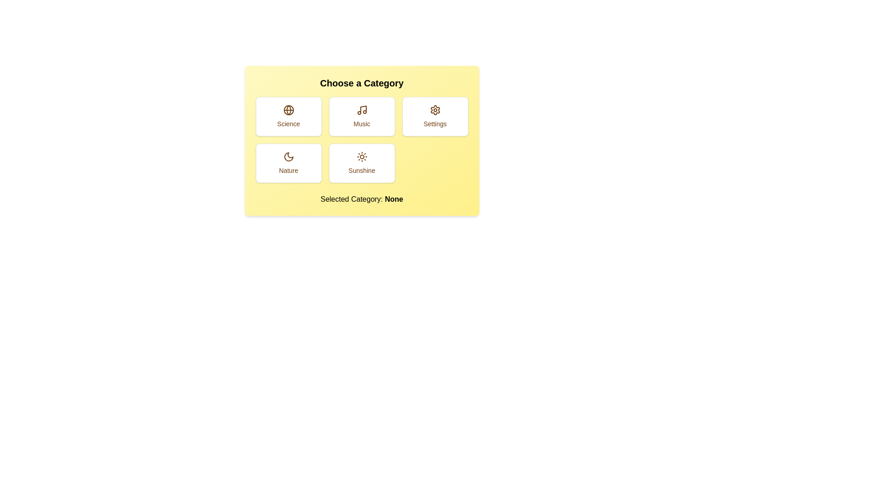 The image size is (879, 494). What do you see at coordinates (288, 116) in the screenshot?
I see `the 'Science' category button located at the top-left corner among a grid of six buttons` at bounding box center [288, 116].